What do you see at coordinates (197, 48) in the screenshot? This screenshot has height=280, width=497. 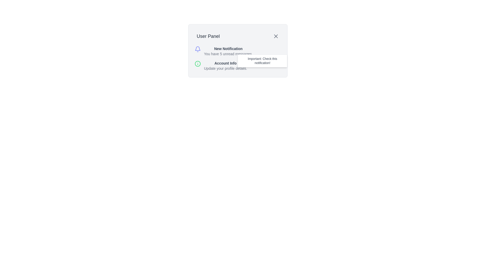 I see `the notification bell icon located at the top-right corner of the notification panel, which visually represents the notifications feature` at bounding box center [197, 48].